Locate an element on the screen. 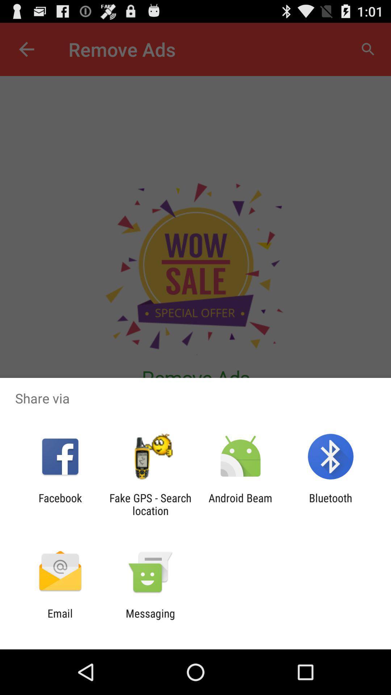 The width and height of the screenshot is (391, 695). the app next to fake gps search app is located at coordinates (240, 504).